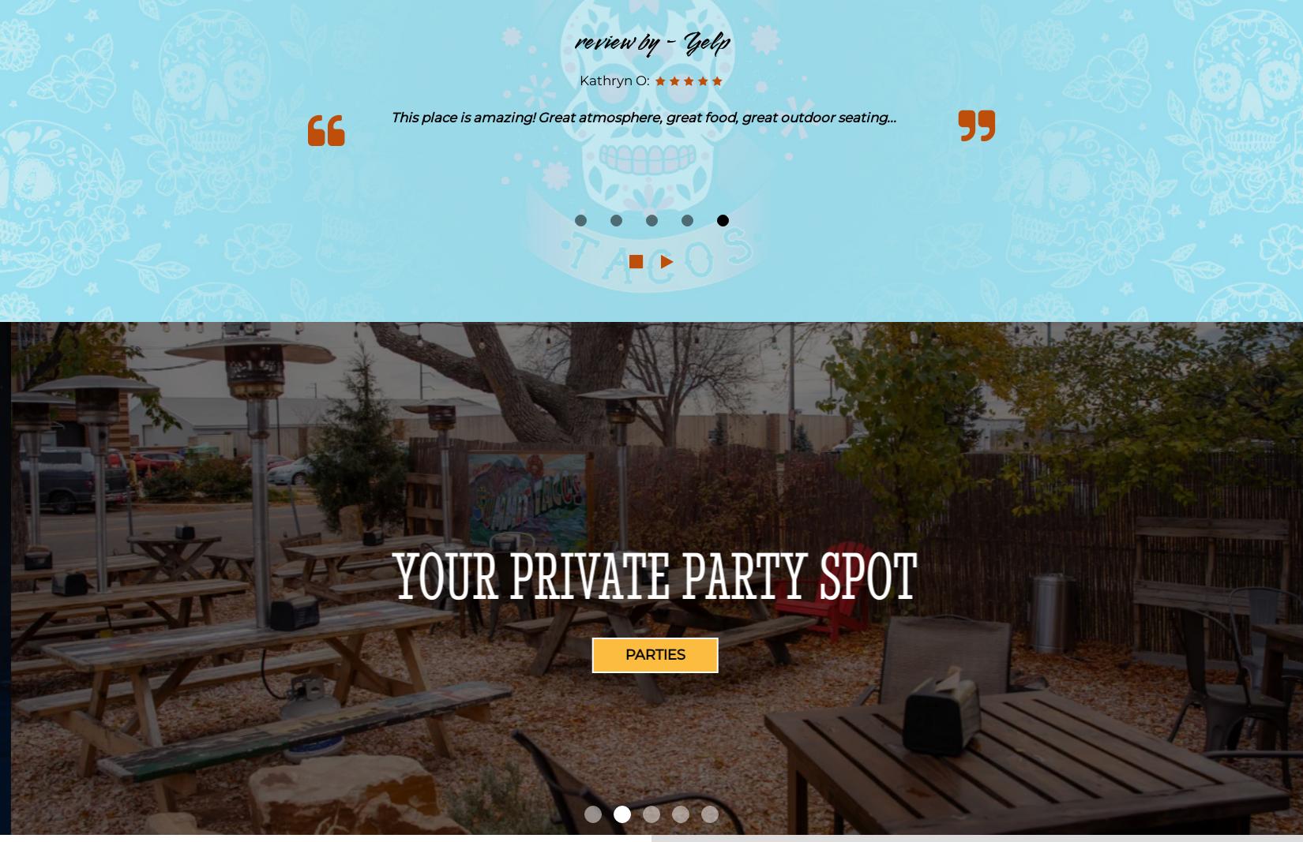 Image resolution: width=1303 pixels, height=842 pixels. I want to click on 'Reservations', so click(595, 654).